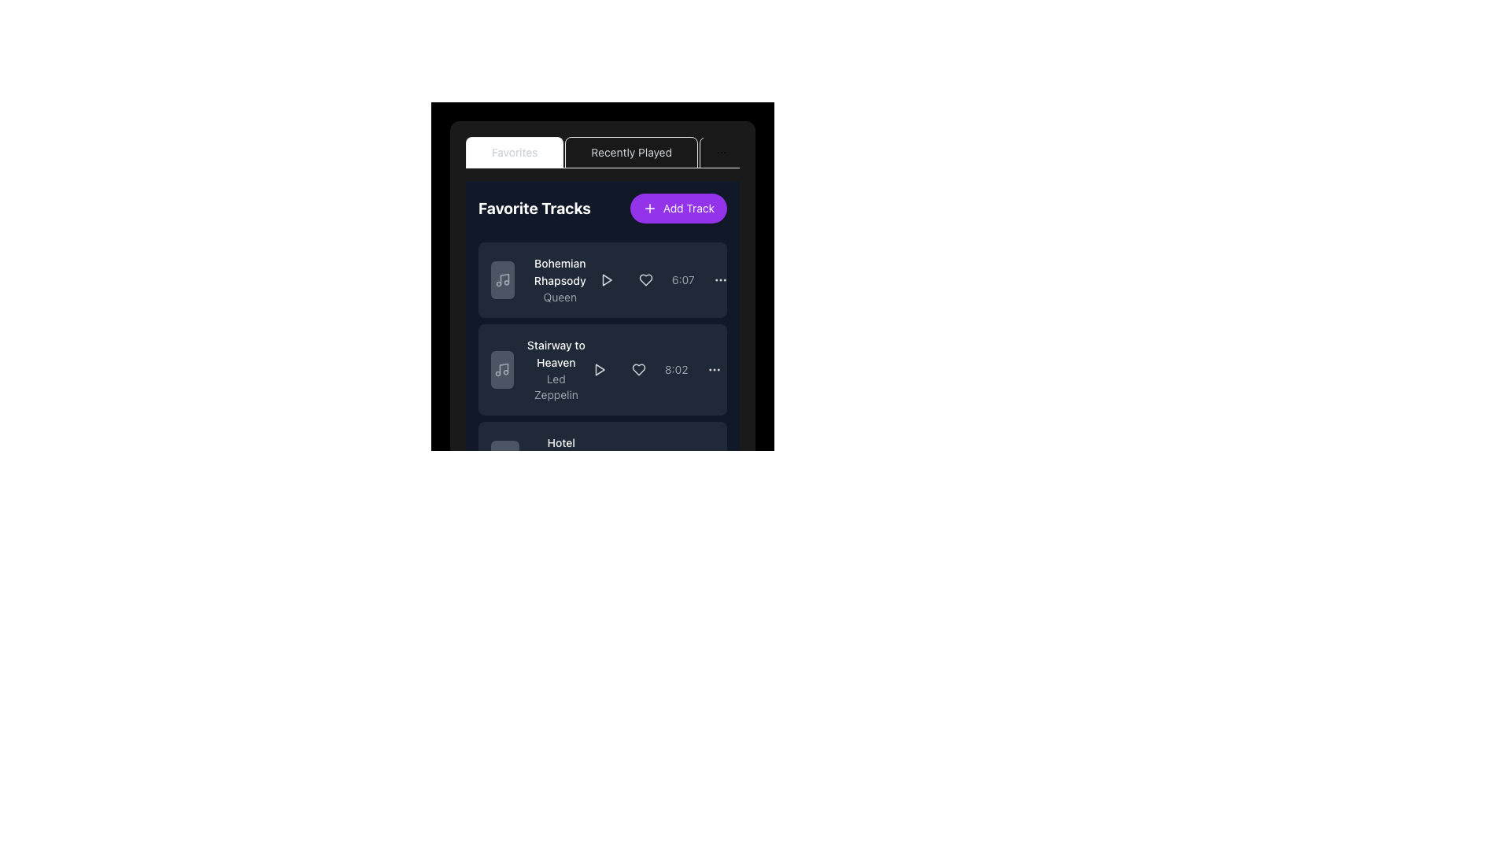 The height and width of the screenshot is (850, 1511). What do you see at coordinates (605, 279) in the screenshot?
I see `the first circular play button with a gray triangle icon located to the right of the 'Bohemian Rhapsody' track title to play the track` at bounding box center [605, 279].